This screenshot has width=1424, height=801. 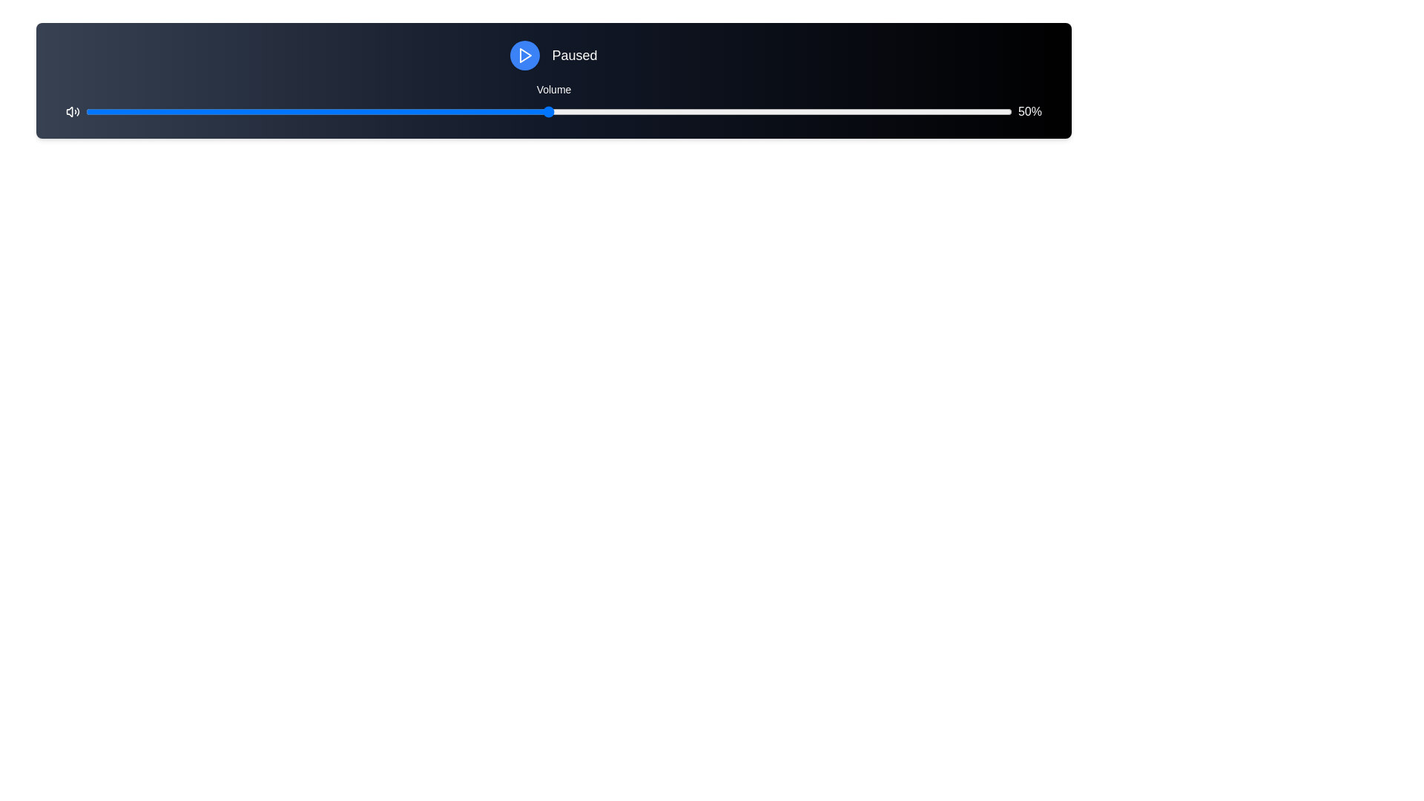 What do you see at coordinates (85, 111) in the screenshot?
I see `the volume level` at bounding box center [85, 111].